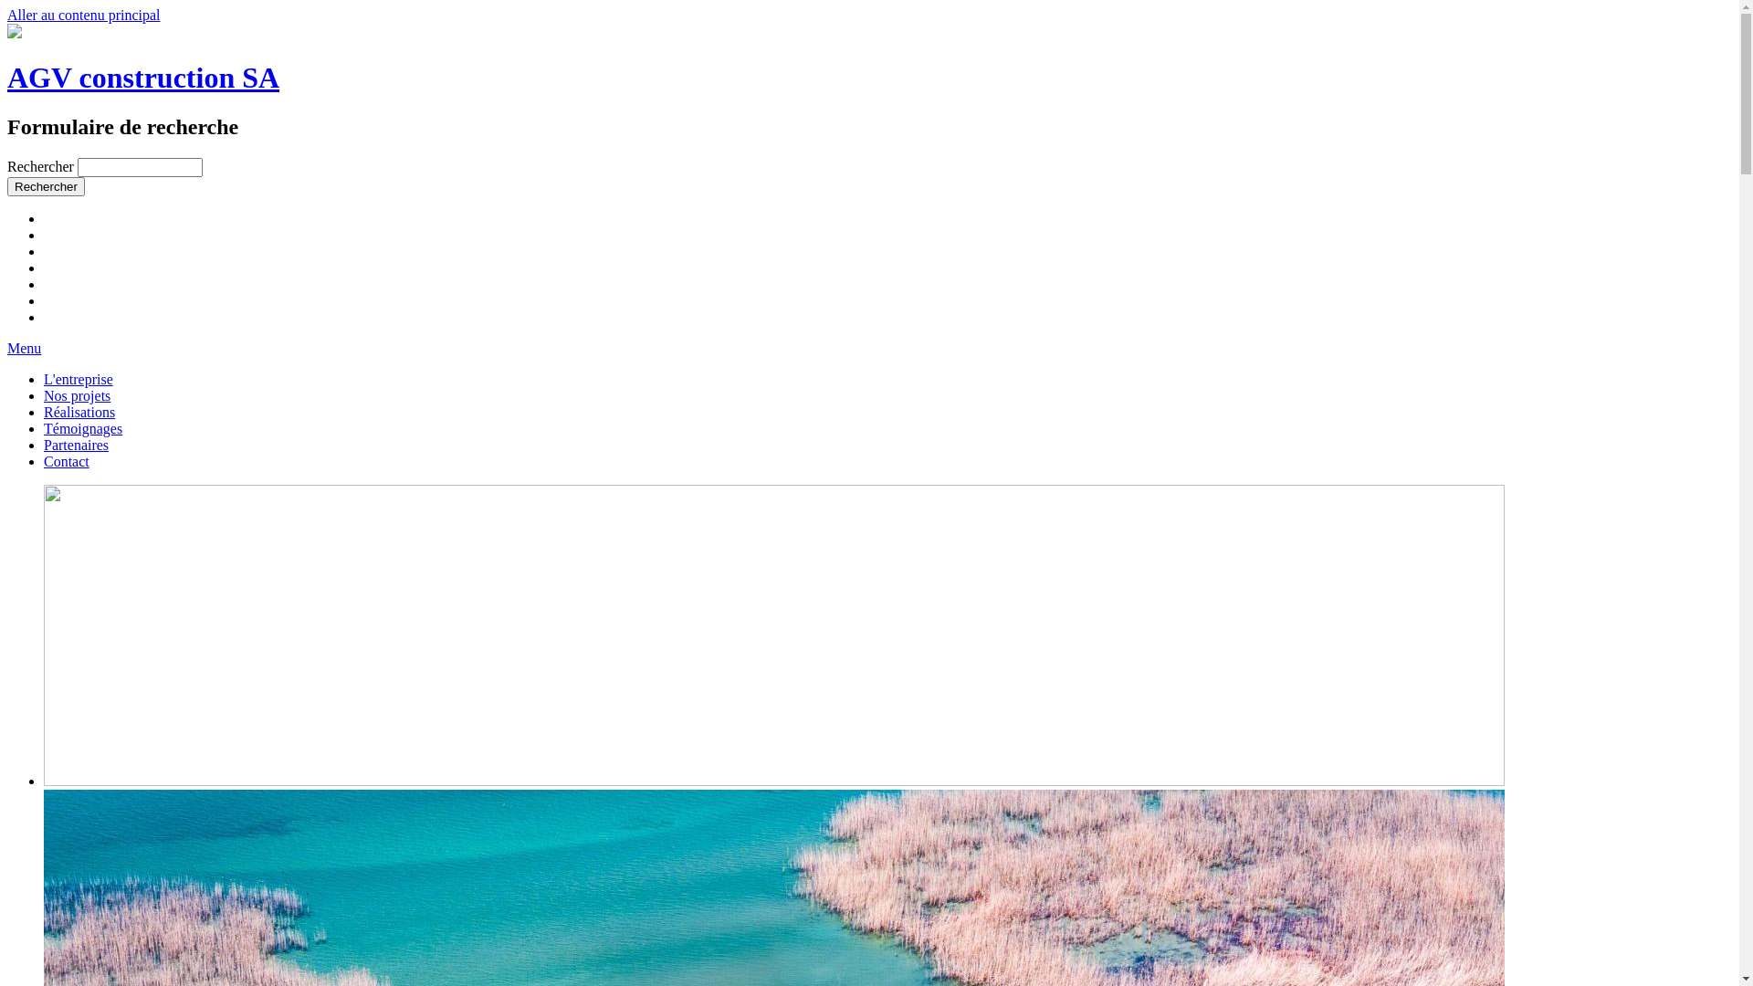 Image resolution: width=1753 pixels, height=986 pixels. I want to click on 'Contact', so click(66, 460).